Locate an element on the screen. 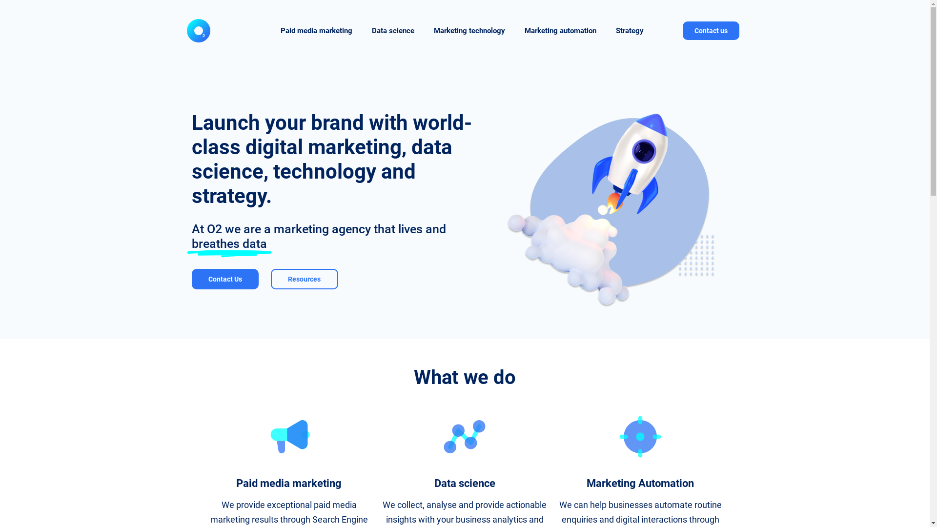 The image size is (937, 527). 'Contact Us' is located at coordinates (191, 279).